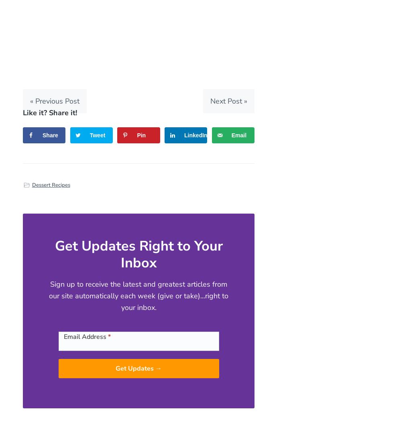  Describe the element at coordinates (138, 254) in the screenshot. I see `'Get Updates Right to Your Inbox'` at that location.